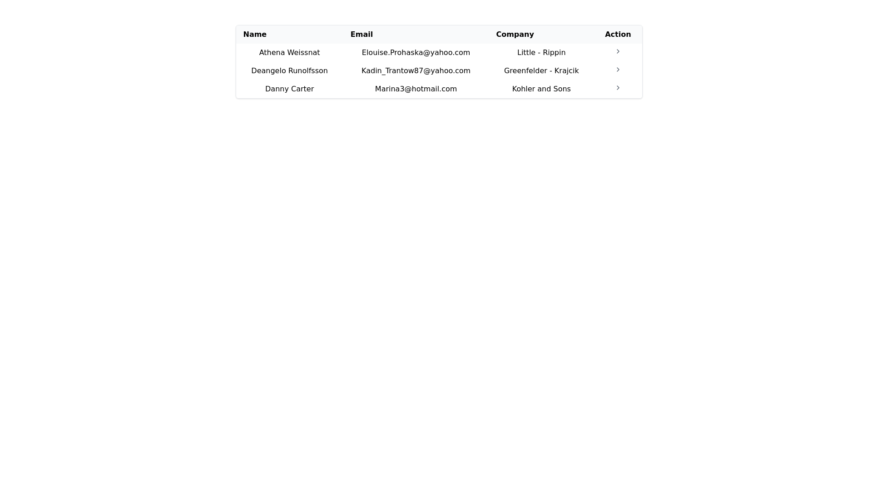 This screenshot has width=872, height=491. What do you see at coordinates (618, 89) in the screenshot?
I see `the right-pointing chevron icon located in the last cell of the row for 'Danny Carter' in the 'Action' column` at bounding box center [618, 89].